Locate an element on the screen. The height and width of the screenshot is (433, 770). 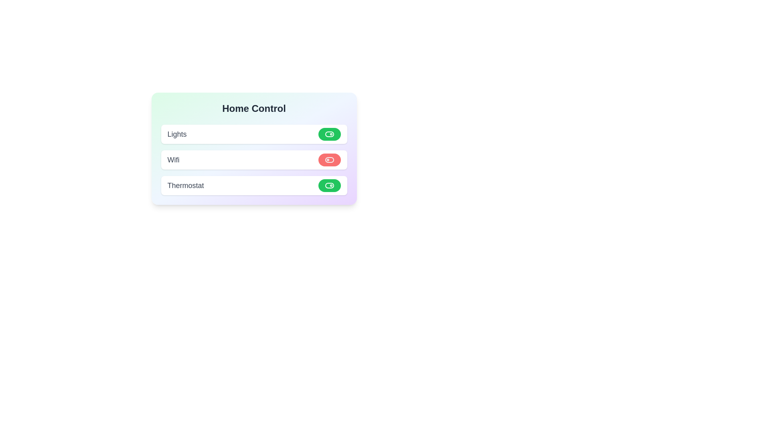
the 'Thermostat' toggle switch is located at coordinates (329, 185).